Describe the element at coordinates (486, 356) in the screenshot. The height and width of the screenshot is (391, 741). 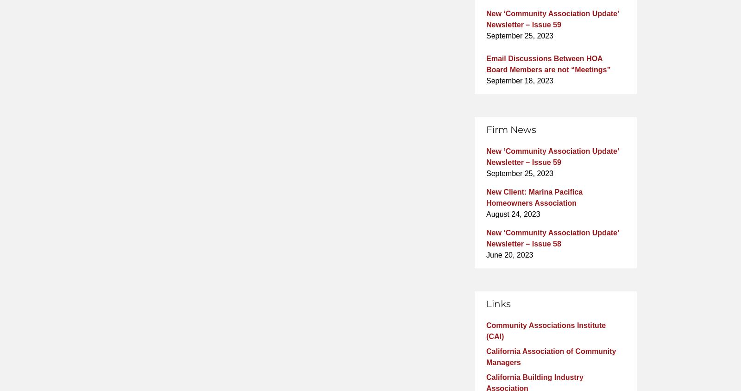
I see `'California Association of Community Managers'` at that location.